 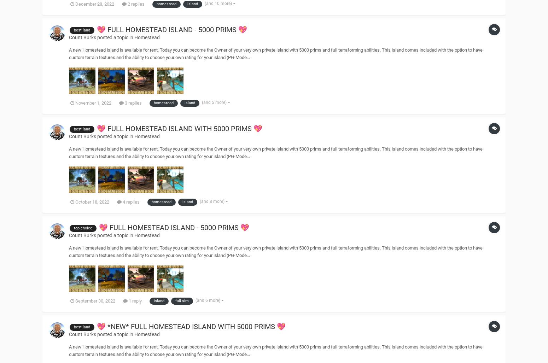 What do you see at coordinates (208, 300) in the screenshot?
I see `'(and 6 more)'` at bounding box center [208, 300].